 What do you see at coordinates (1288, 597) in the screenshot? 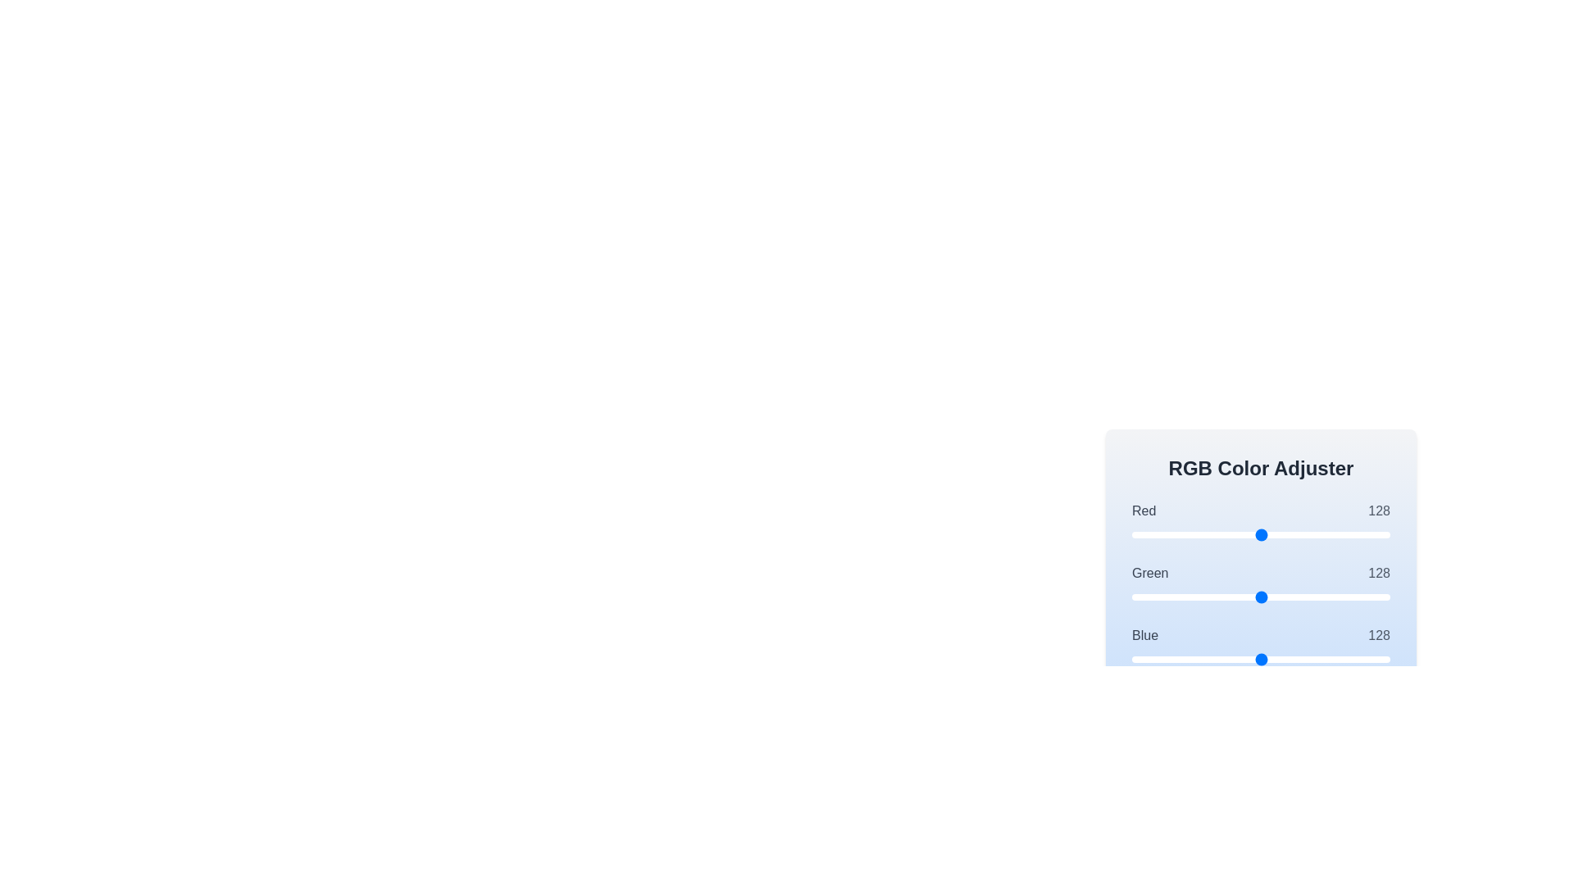
I see `the green slider to 155 where value is between 0 and 255` at bounding box center [1288, 597].